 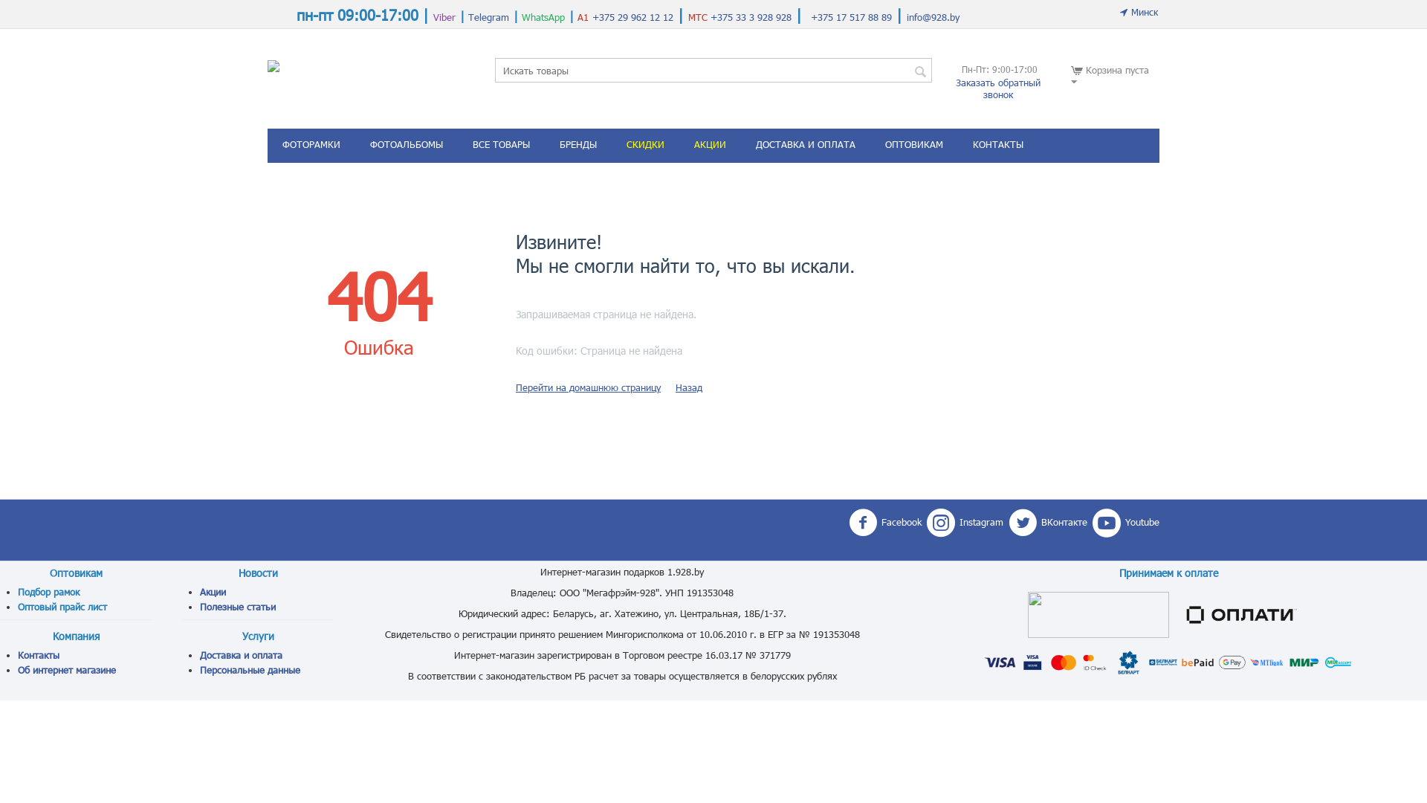 I want to click on 'info@928.by', so click(x=932, y=17).